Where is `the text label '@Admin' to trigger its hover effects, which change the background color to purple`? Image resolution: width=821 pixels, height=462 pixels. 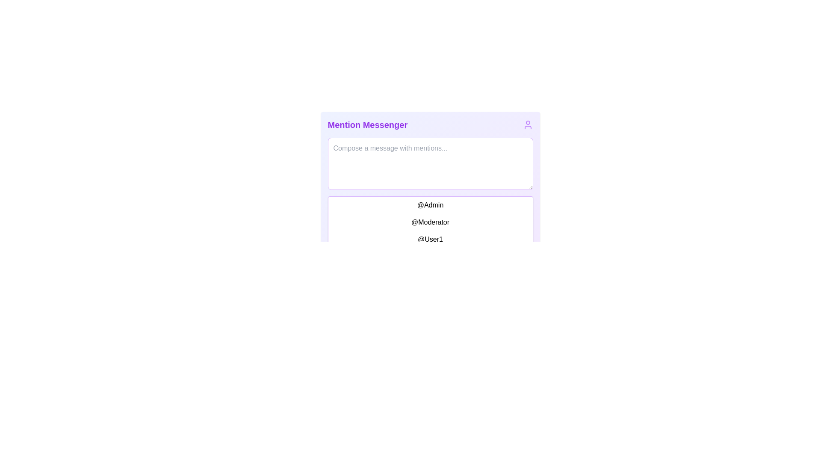 the text label '@Admin' to trigger its hover effects, which change the background color to purple is located at coordinates (430, 205).